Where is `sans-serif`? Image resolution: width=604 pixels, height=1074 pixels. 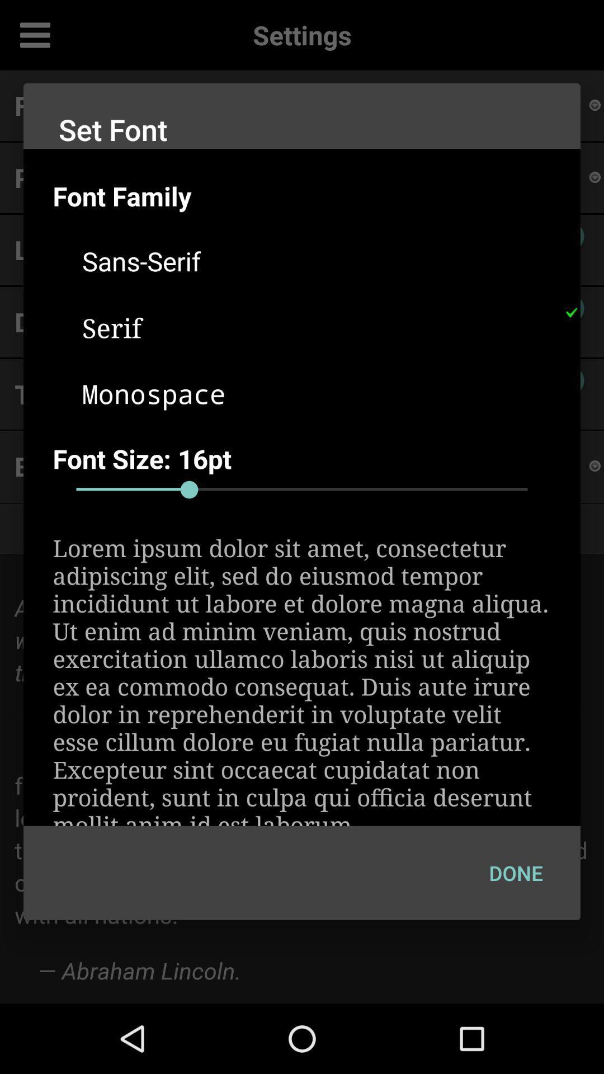
sans-serif is located at coordinates (317, 260).